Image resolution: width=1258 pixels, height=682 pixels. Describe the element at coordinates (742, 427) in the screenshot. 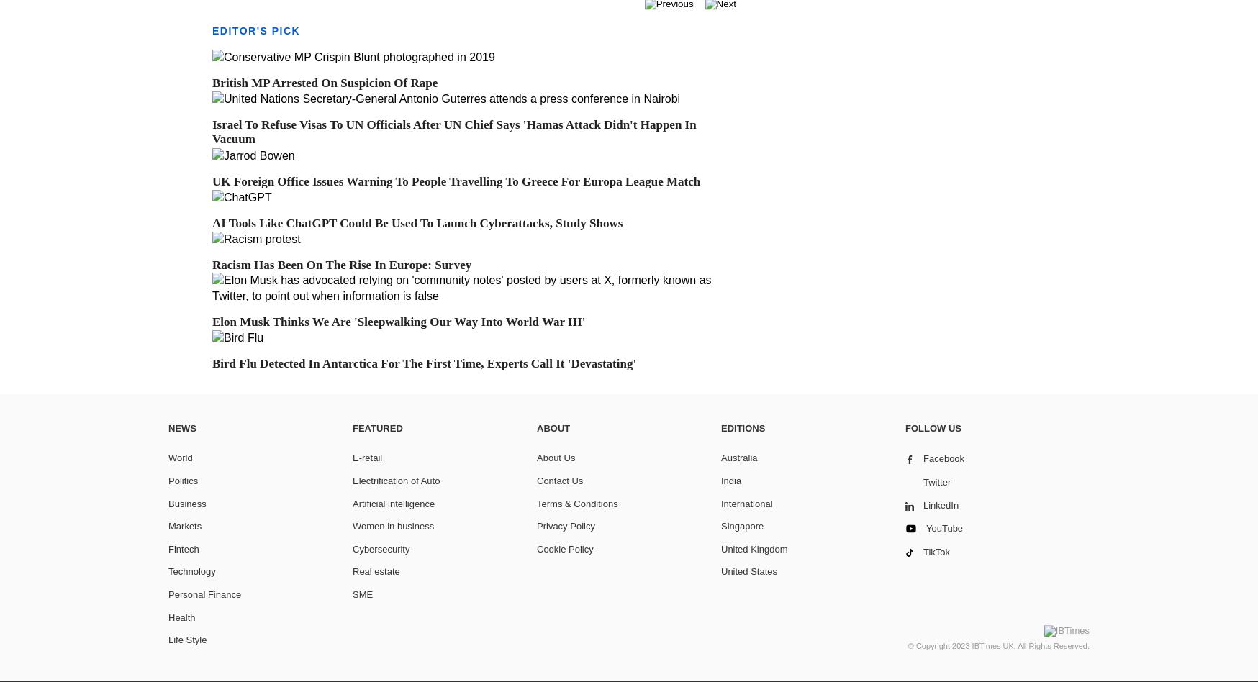

I see `'EDITIONS'` at that location.